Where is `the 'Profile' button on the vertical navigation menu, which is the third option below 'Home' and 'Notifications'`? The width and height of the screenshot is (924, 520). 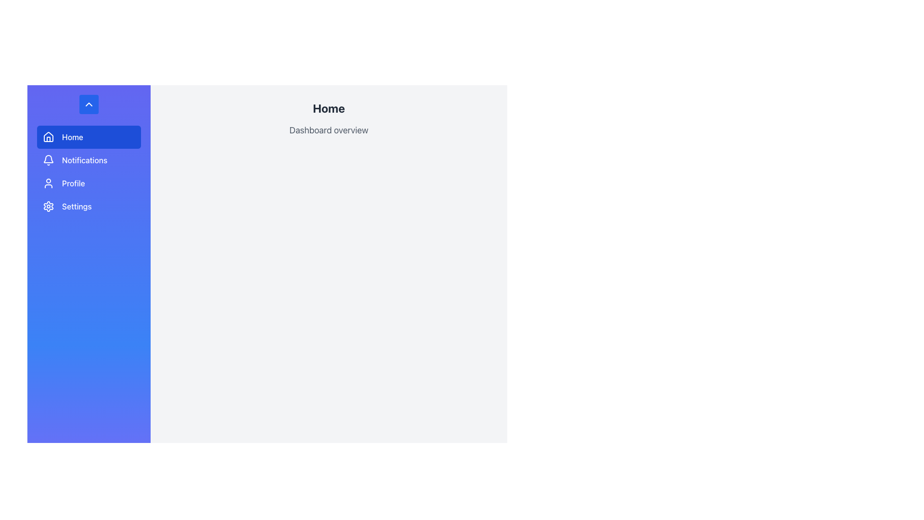
the 'Profile' button on the vertical navigation menu, which is the third option below 'Home' and 'Notifications' is located at coordinates (89, 183).